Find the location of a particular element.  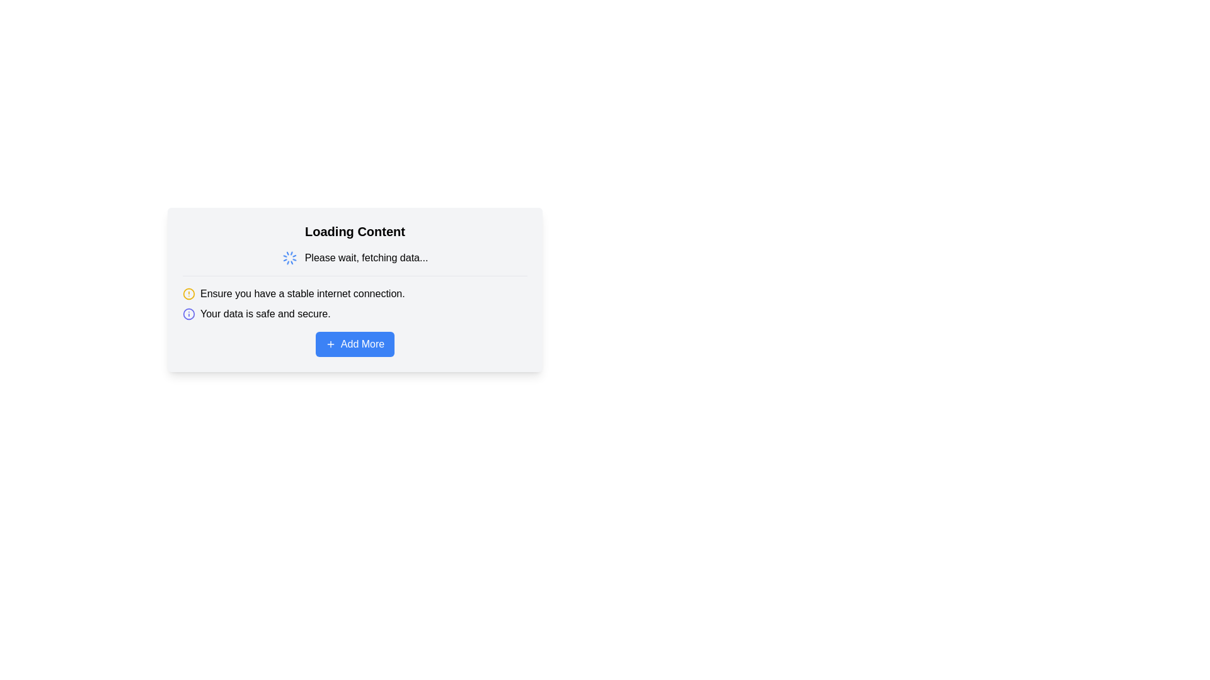

the informational warning text label reminding users of the need for a stable internet connection, located below the 'Loading Content' header and above the 'Your data is safe and secure.' message is located at coordinates (302, 293).